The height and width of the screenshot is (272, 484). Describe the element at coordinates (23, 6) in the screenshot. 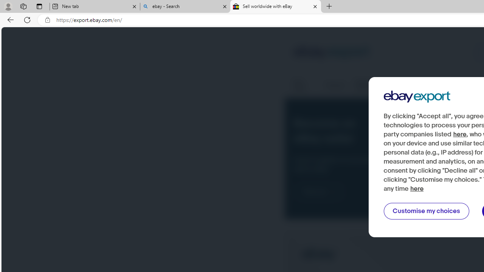

I see `'Workspaces'` at that location.